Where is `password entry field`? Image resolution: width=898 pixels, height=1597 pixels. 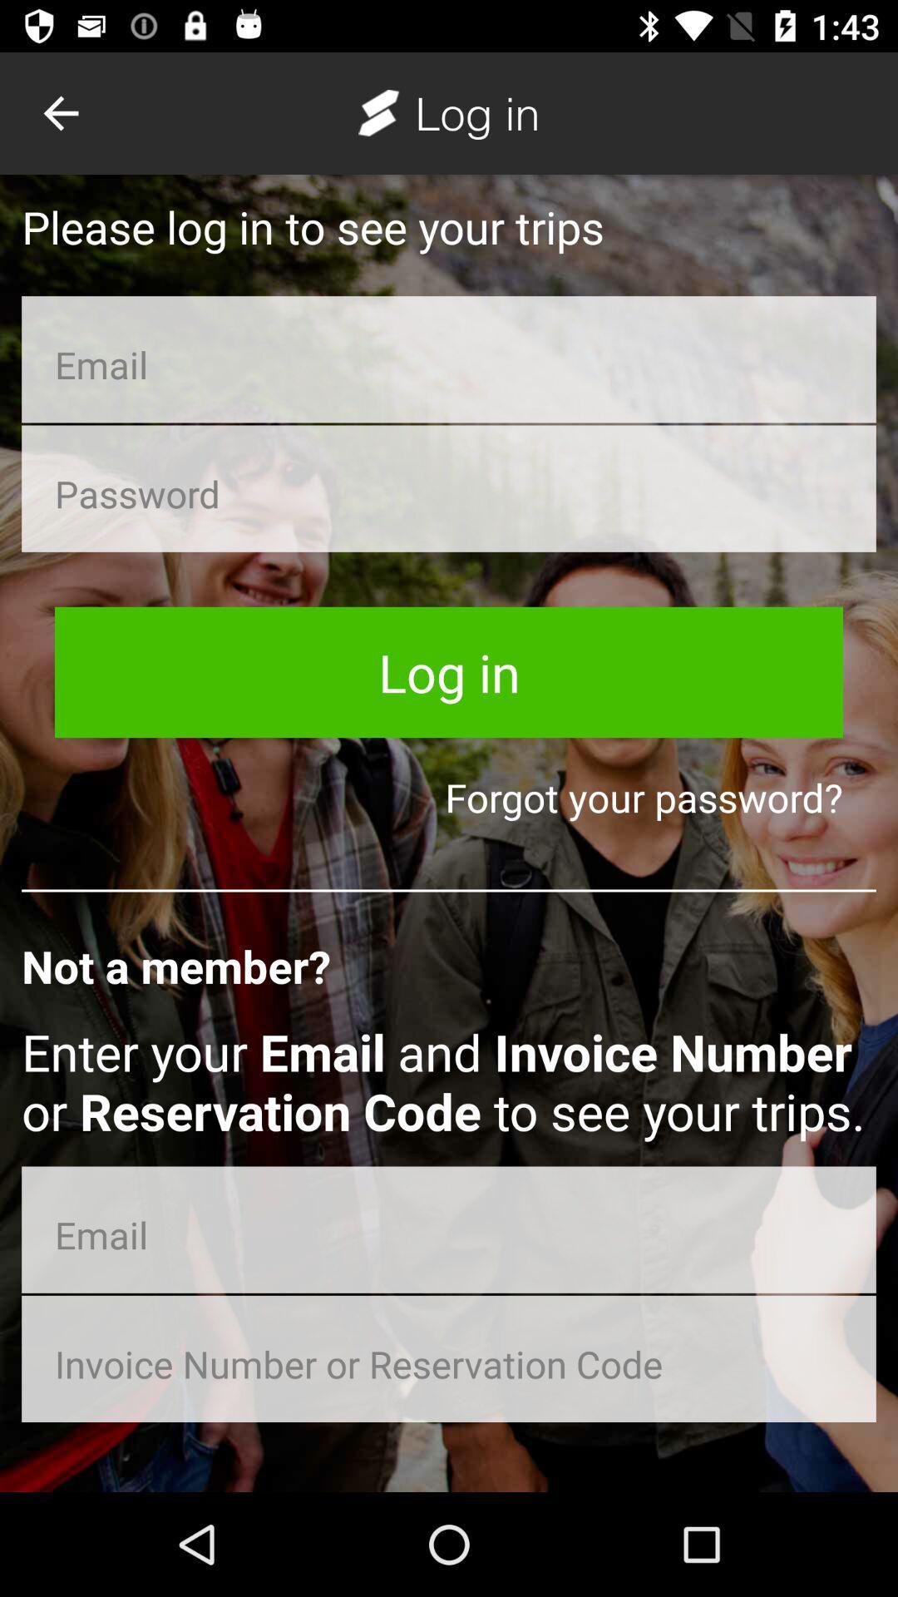
password entry field is located at coordinates (449, 487).